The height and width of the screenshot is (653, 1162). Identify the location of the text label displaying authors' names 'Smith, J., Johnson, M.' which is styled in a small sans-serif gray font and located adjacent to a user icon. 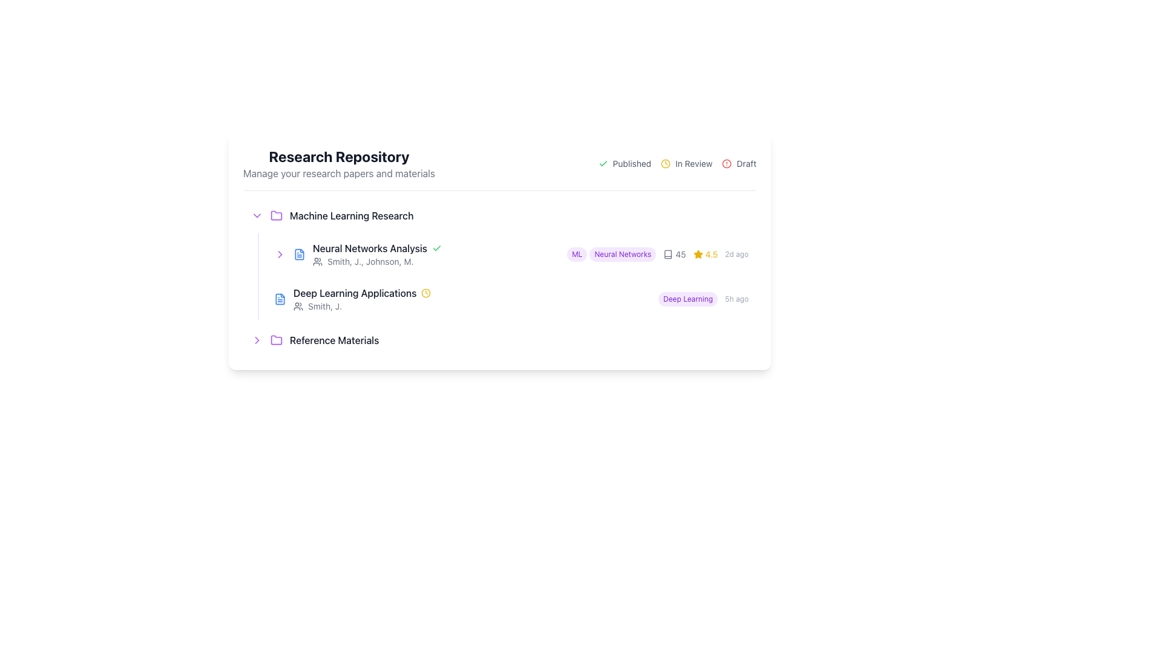
(370, 261).